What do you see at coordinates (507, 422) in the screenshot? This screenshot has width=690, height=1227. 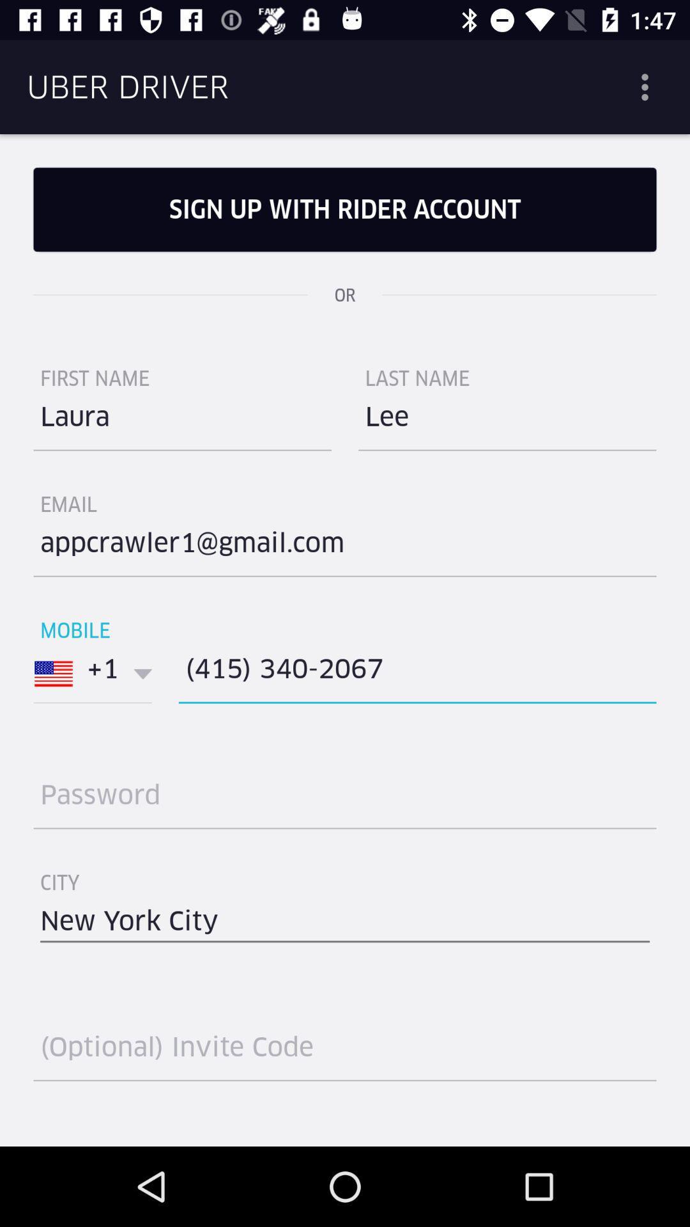 I see `the item below last name` at bounding box center [507, 422].